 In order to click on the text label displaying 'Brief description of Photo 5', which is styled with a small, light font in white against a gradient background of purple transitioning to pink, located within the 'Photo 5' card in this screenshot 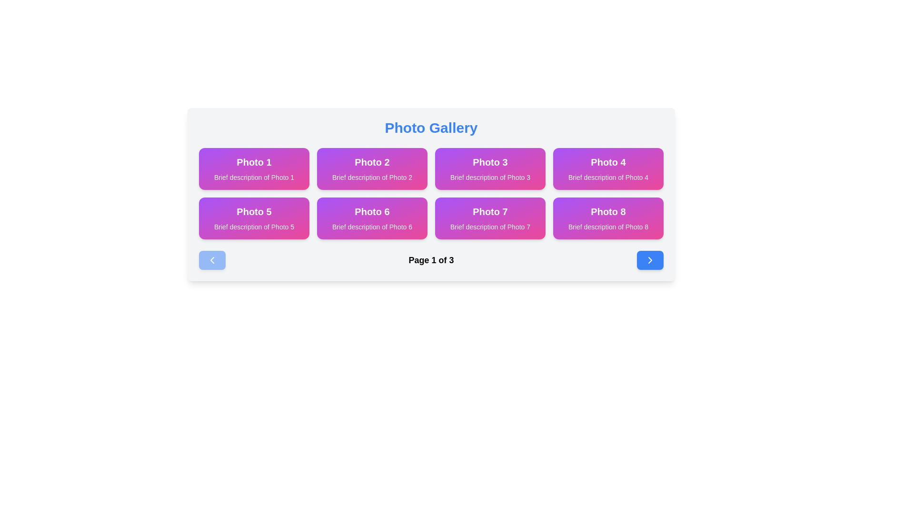, I will do `click(254, 227)`.